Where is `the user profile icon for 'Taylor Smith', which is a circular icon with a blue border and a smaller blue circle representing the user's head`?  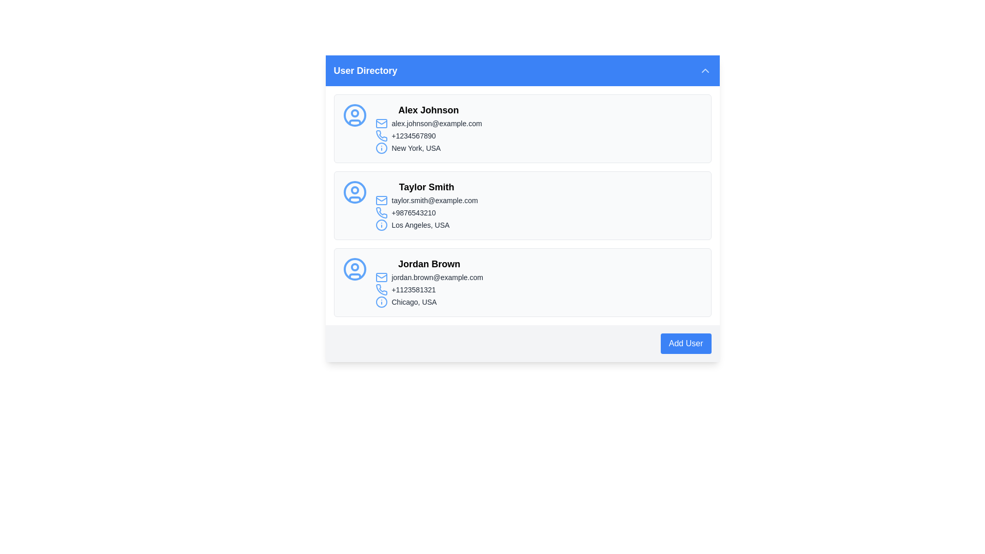
the user profile icon for 'Taylor Smith', which is a circular icon with a blue border and a smaller blue circle representing the user's head is located at coordinates (354, 192).